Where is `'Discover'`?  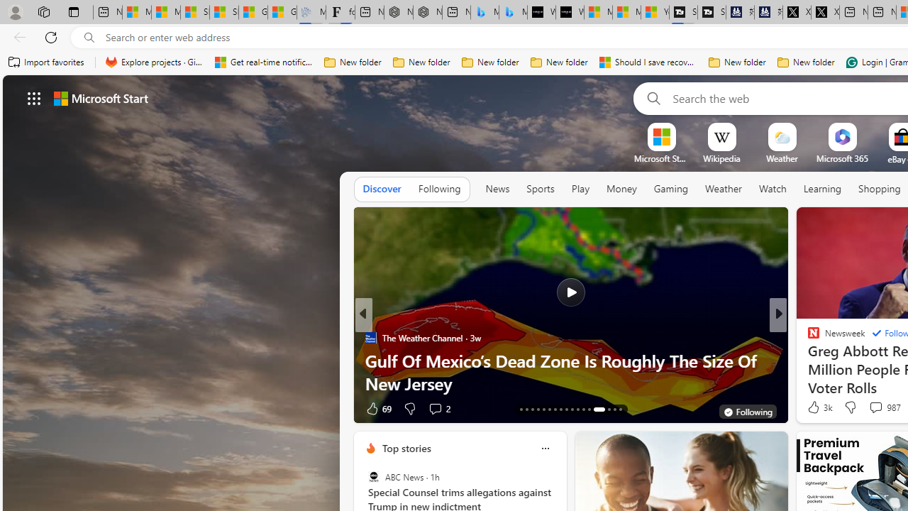 'Discover' is located at coordinates (382, 188).